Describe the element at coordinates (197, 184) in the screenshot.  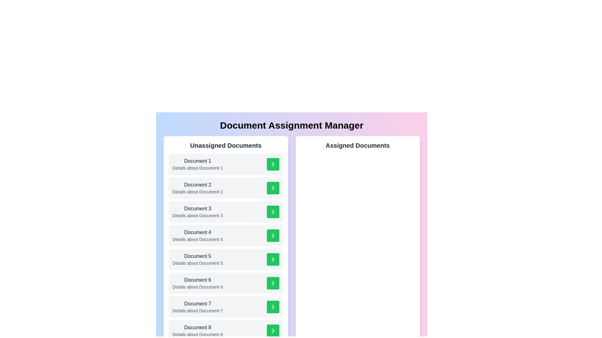
I see `the static text label displaying 'Document 2' in the 'Unassigned Documents' column` at that location.